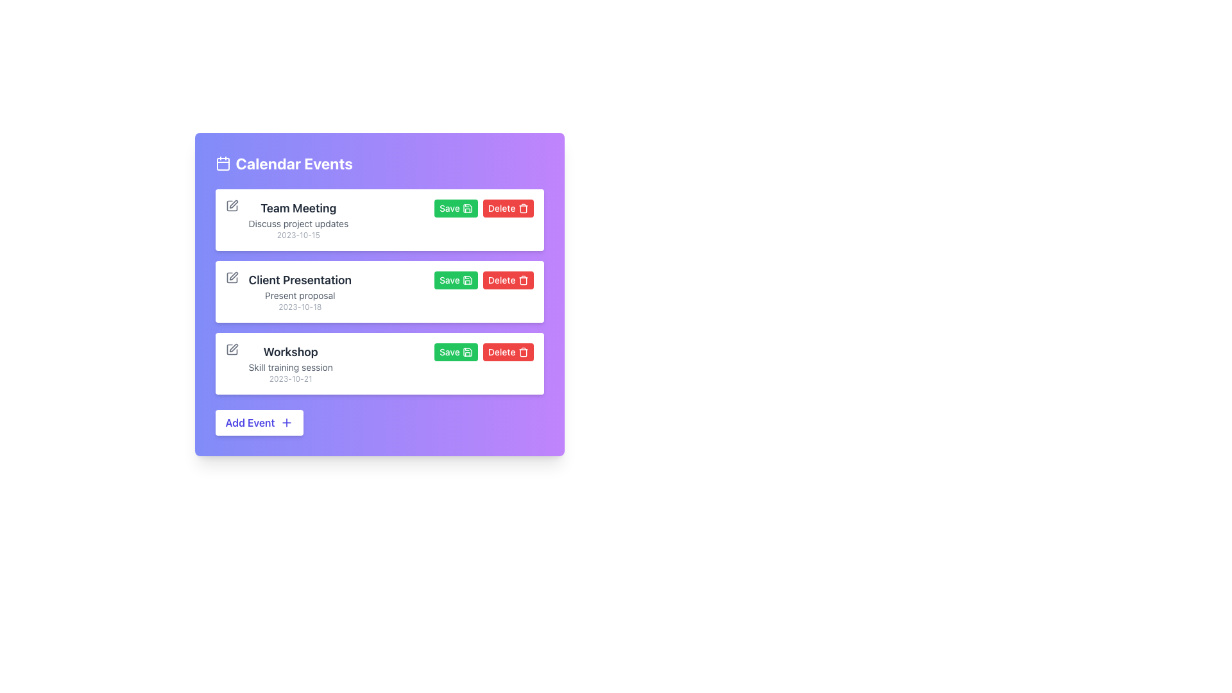 The width and height of the screenshot is (1232, 693). I want to click on the Static Text Block titled 'Workshop' in the third event card of the 'Calendar Events' section, so click(290, 364).